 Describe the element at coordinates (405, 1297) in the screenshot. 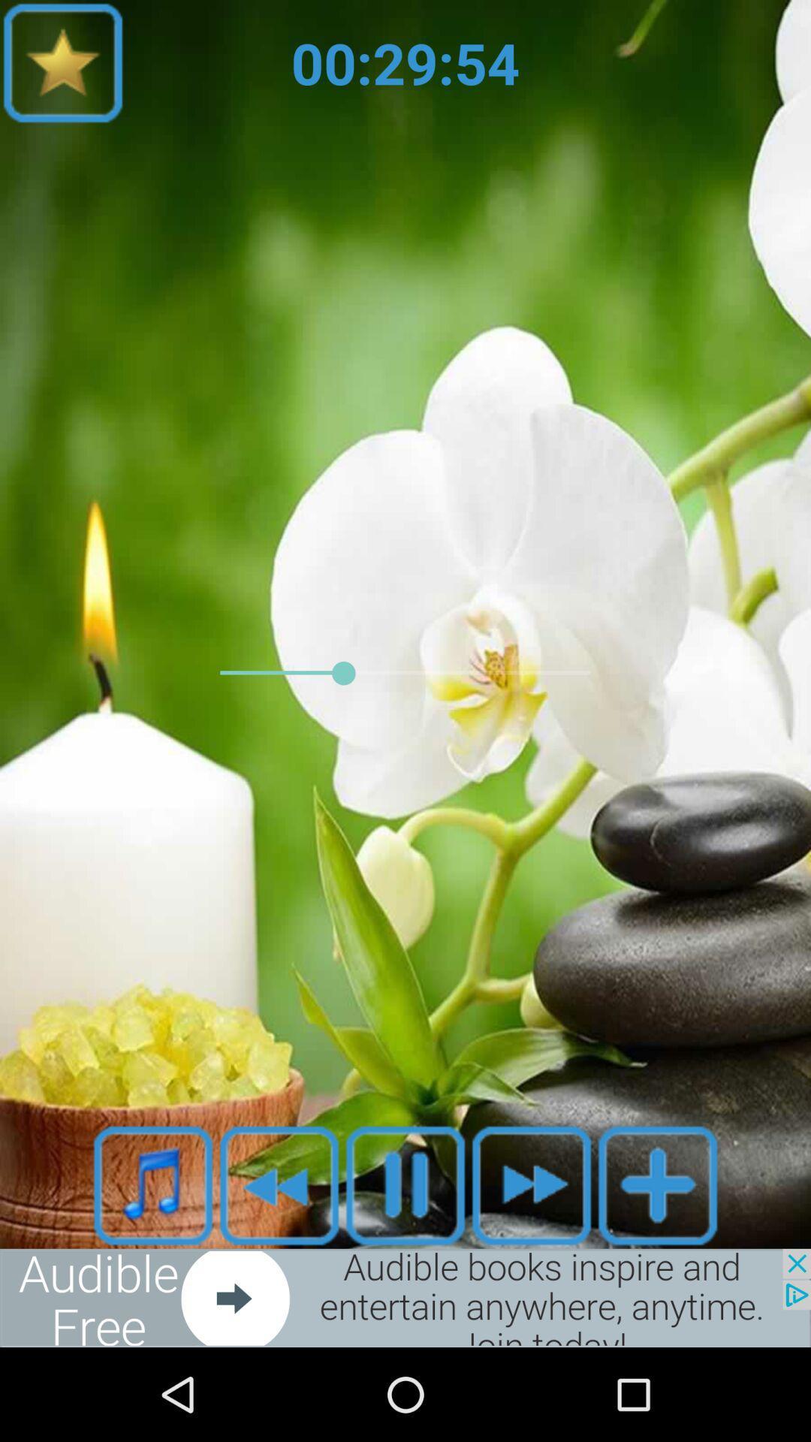

I see `advertisement` at that location.